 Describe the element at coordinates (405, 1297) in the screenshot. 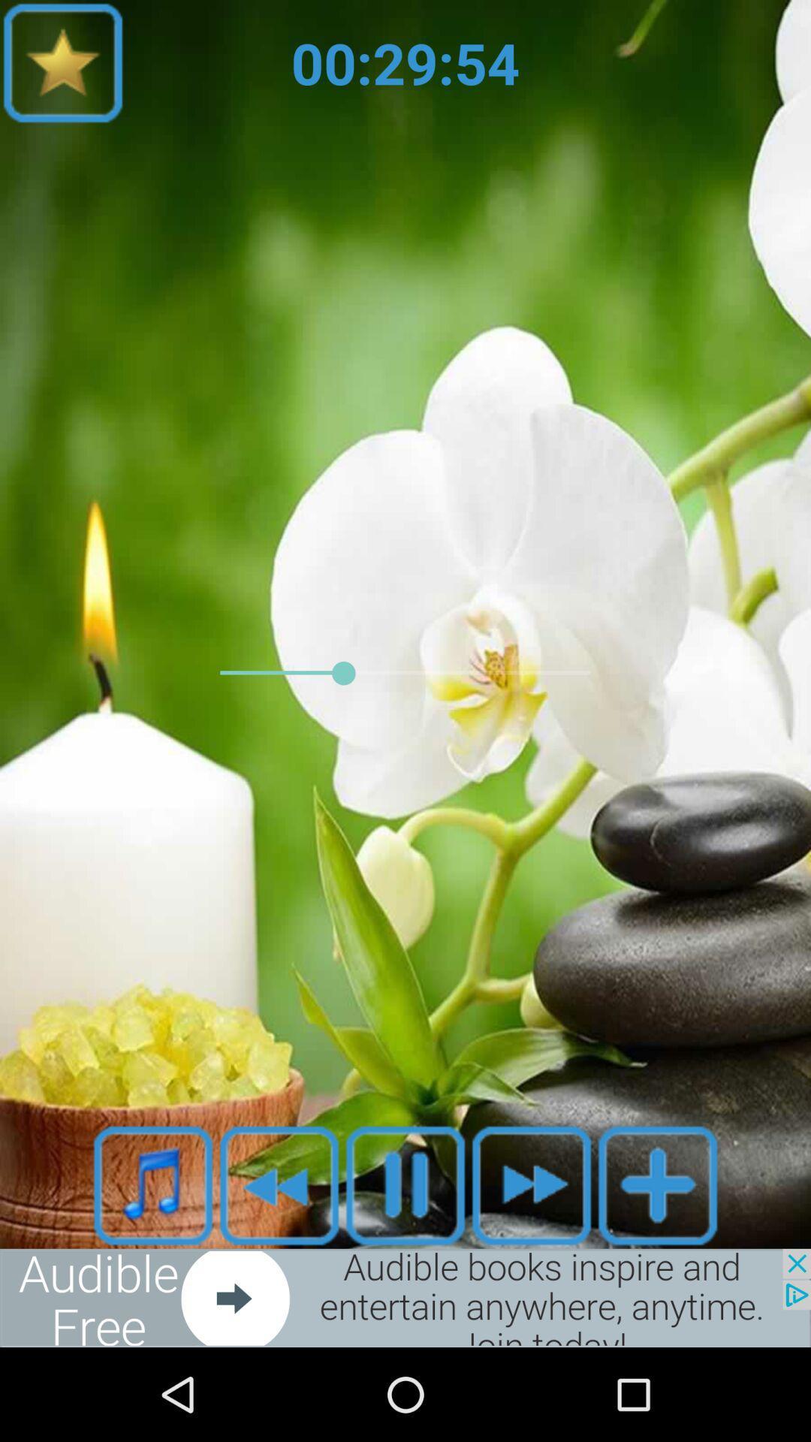

I see `advertisement` at that location.